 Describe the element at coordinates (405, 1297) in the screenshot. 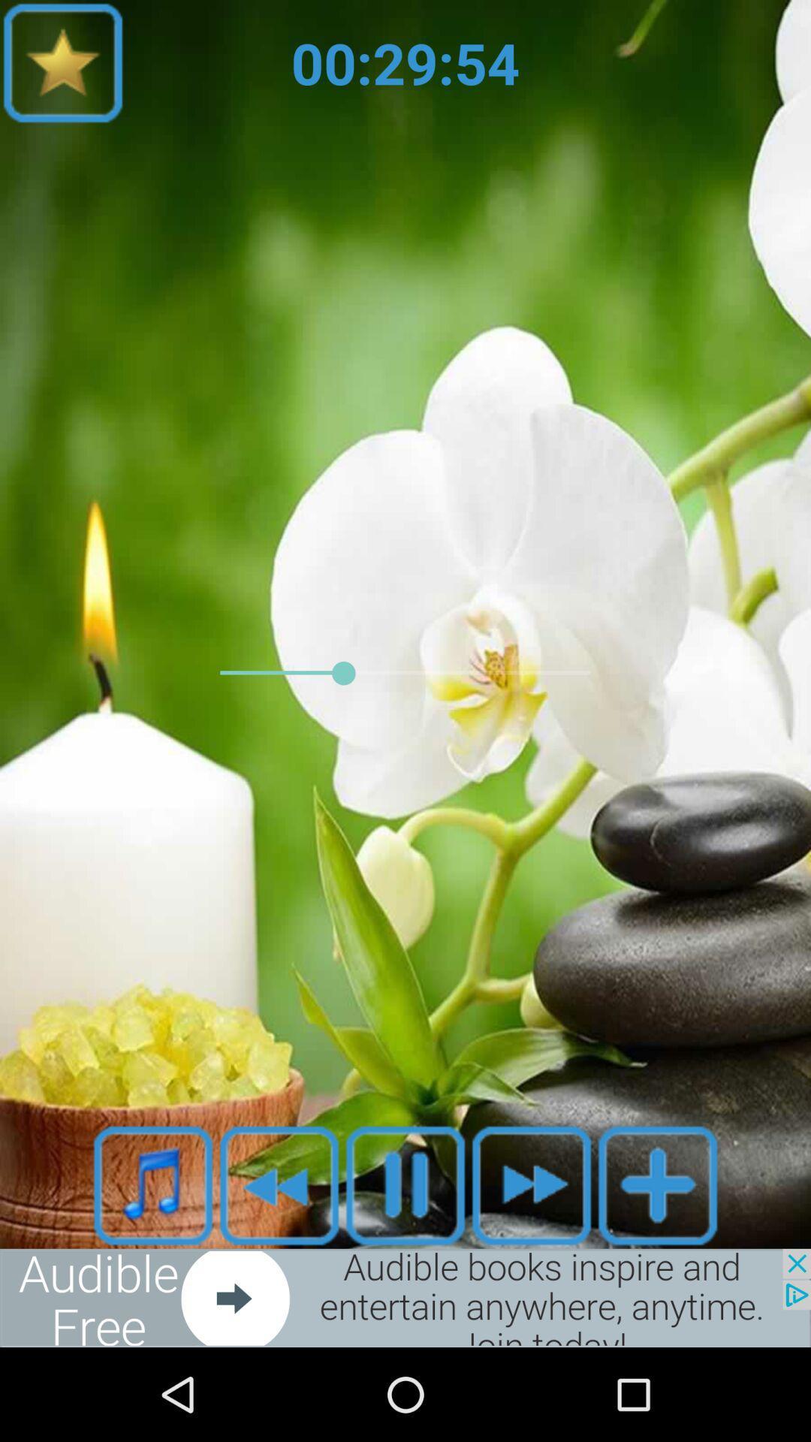

I see `advertisement` at that location.